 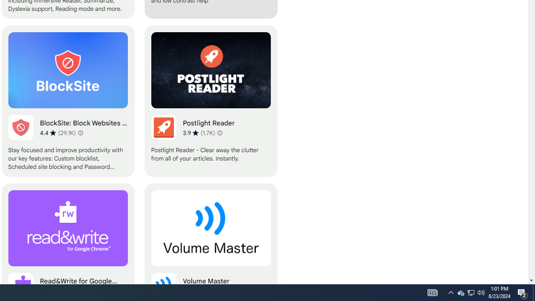 I want to click on 'Average rating 4.4 out of 5 stars. 29.1K ratings.', so click(x=57, y=132).